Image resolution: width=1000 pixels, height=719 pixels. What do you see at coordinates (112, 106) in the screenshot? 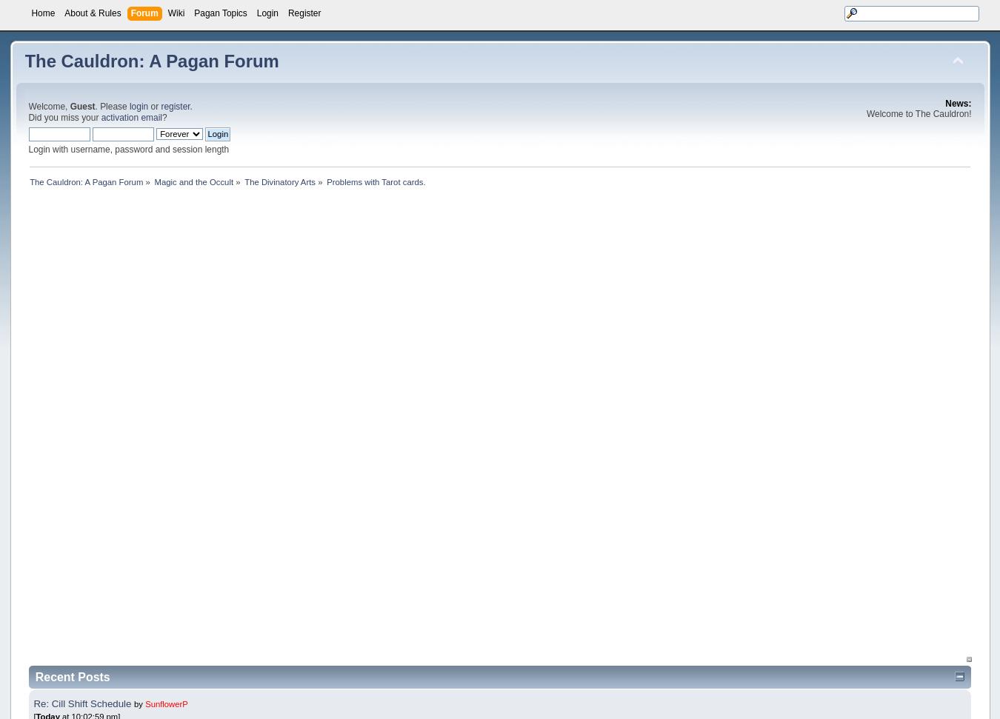
I see `'. Please'` at bounding box center [112, 106].